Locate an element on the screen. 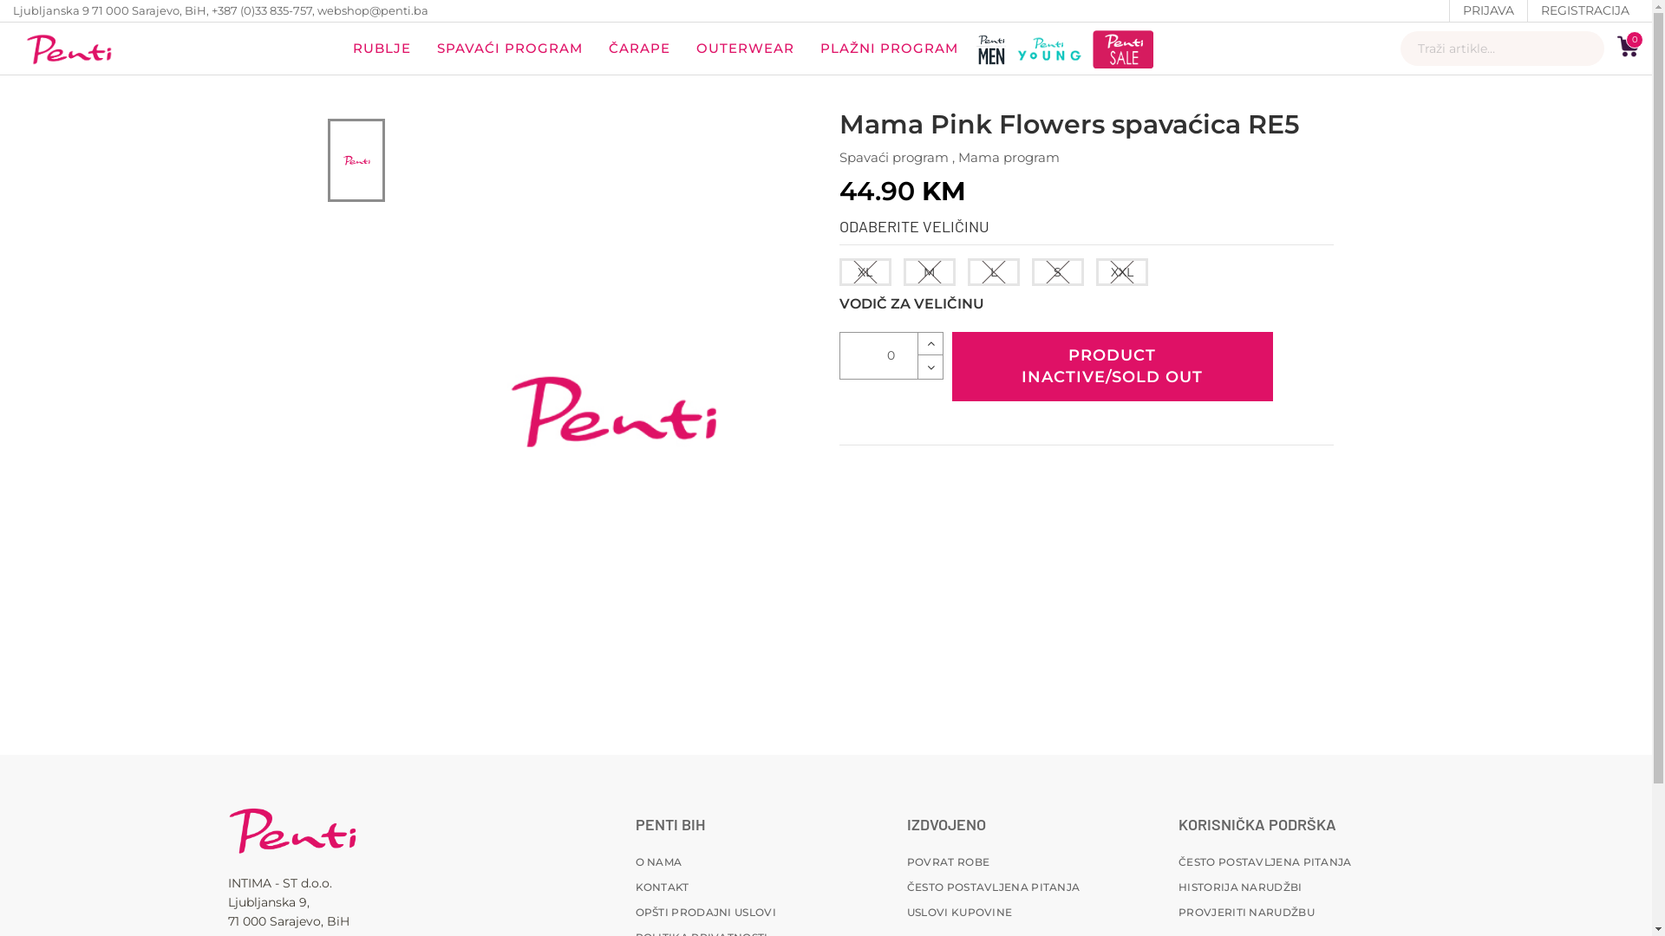  'penti men' is located at coordinates (965, 48).